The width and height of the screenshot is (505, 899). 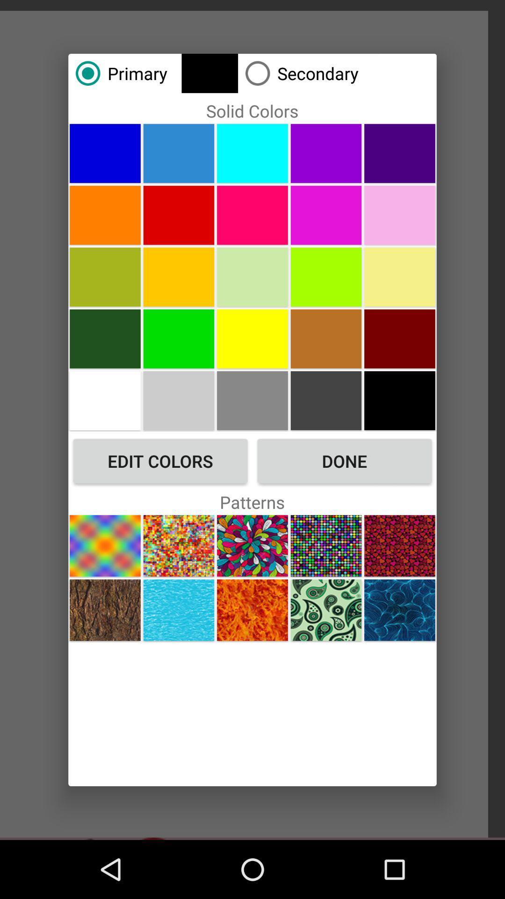 What do you see at coordinates (400, 400) in the screenshot?
I see `choose color black` at bounding box center [400, 400].